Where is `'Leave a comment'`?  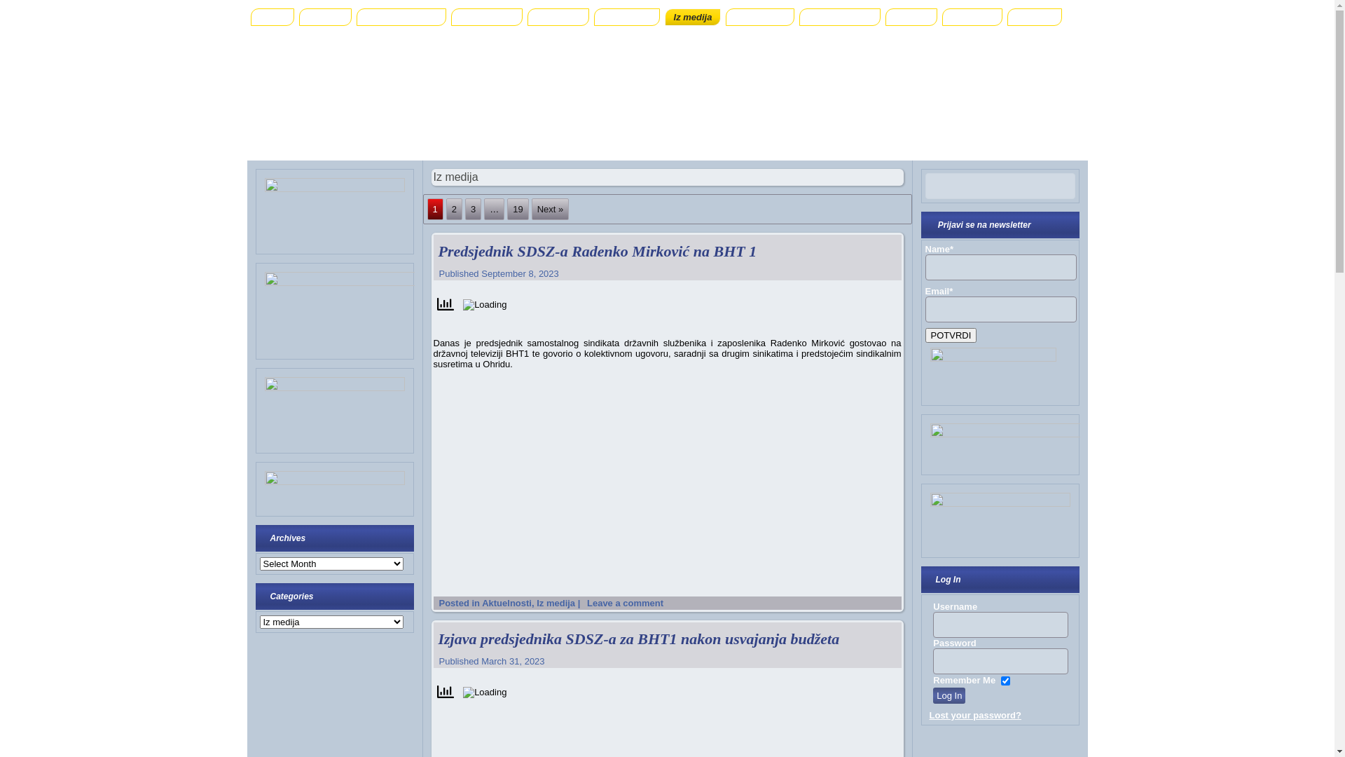 'Leave a comment' is located at coordinates (624, 602).